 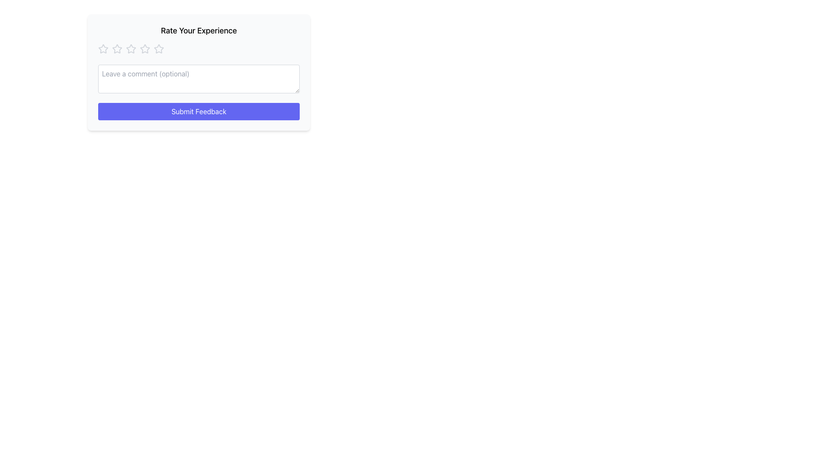 I want to click on the first star in the rating system, so click(x=103, y=49).